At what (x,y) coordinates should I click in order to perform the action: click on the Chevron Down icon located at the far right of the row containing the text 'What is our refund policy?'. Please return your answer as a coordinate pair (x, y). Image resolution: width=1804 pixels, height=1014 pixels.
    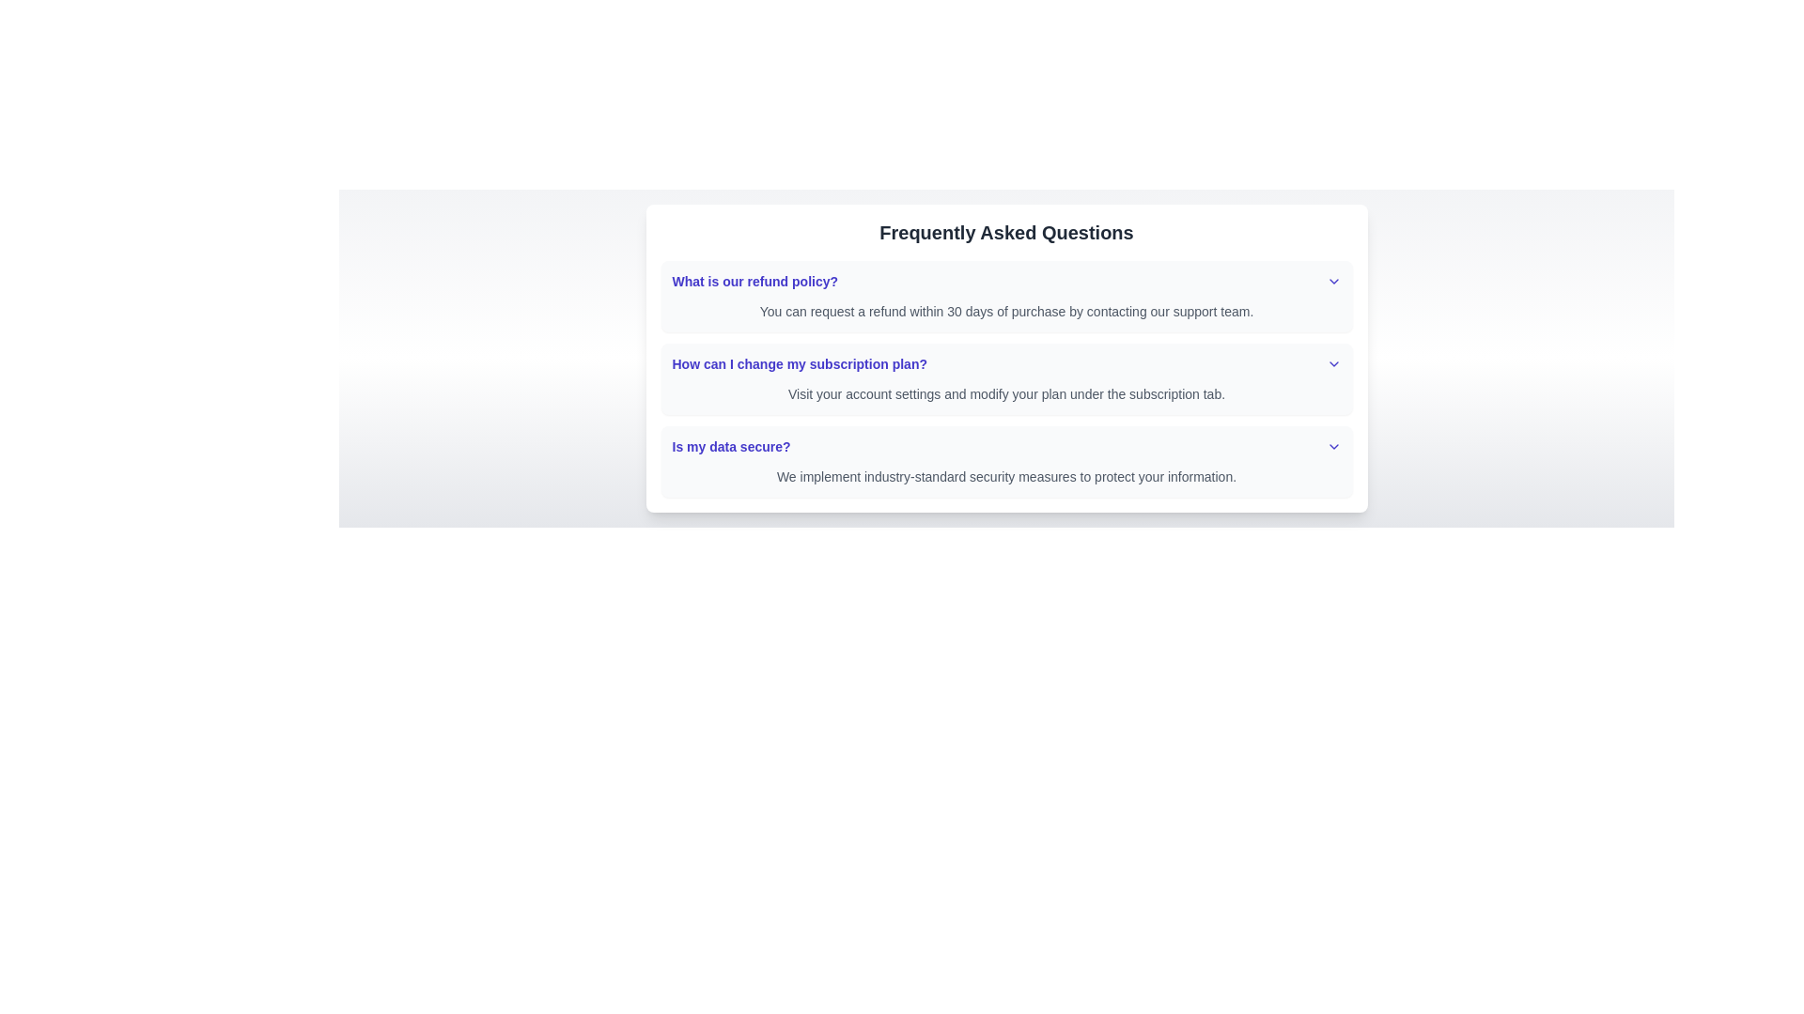
    Looking at the image, I should click on (1332, 282).